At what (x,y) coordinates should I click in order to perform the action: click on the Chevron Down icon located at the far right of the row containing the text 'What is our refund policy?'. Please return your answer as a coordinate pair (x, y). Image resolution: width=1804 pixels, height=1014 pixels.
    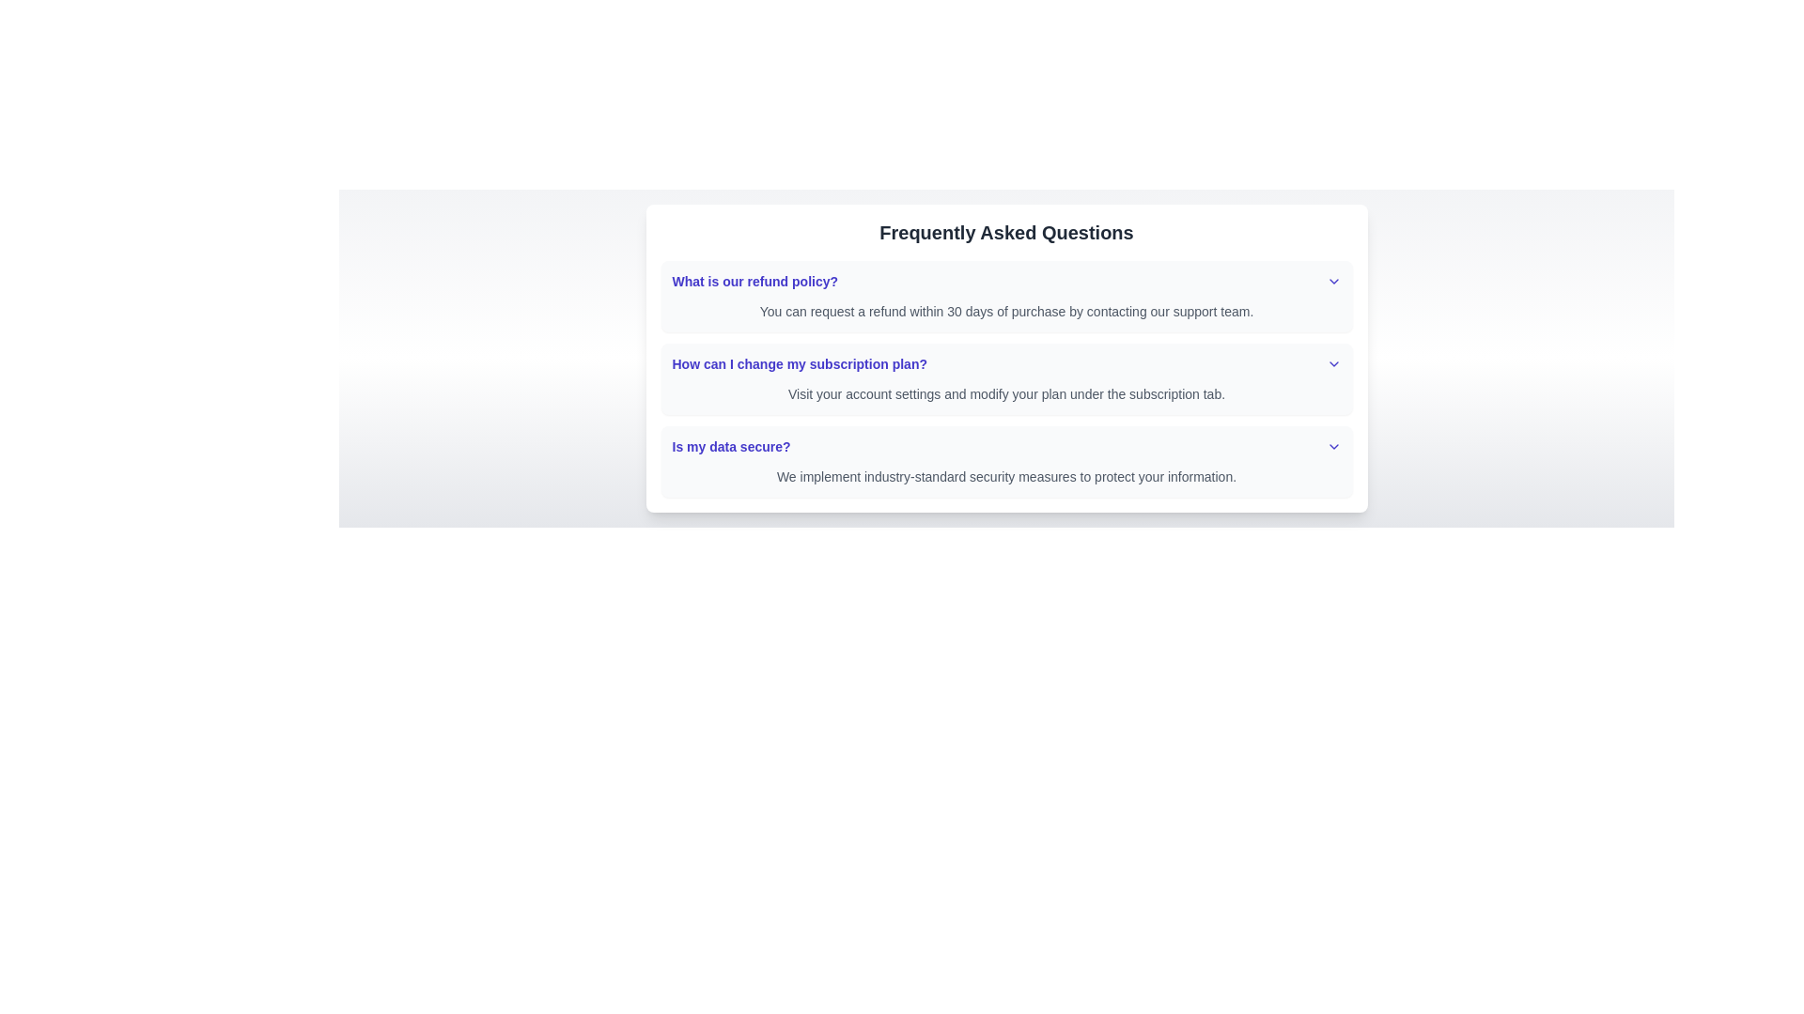
    Looking at the image, I should click on (1332, 282).